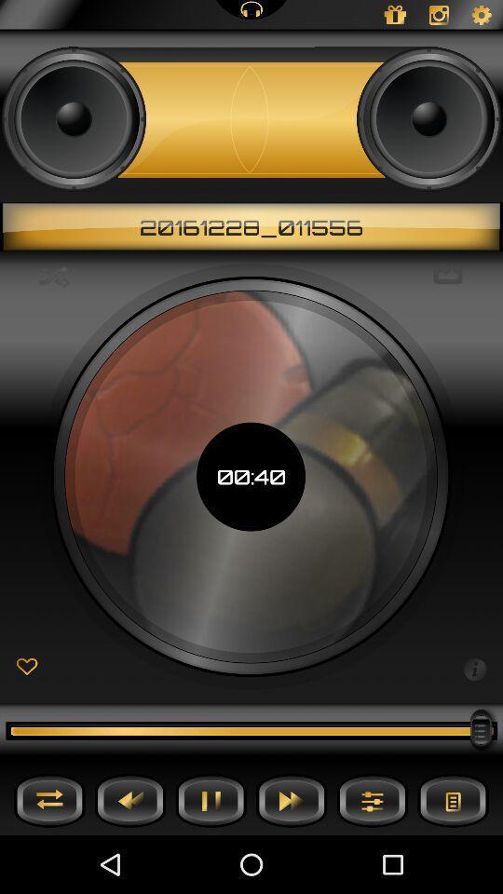 Image resolution: width=503 pixels, height=894 pixels. Describe the element at coordinates (26, 668) in the screenshot. I see `the favorite icon` at that location.